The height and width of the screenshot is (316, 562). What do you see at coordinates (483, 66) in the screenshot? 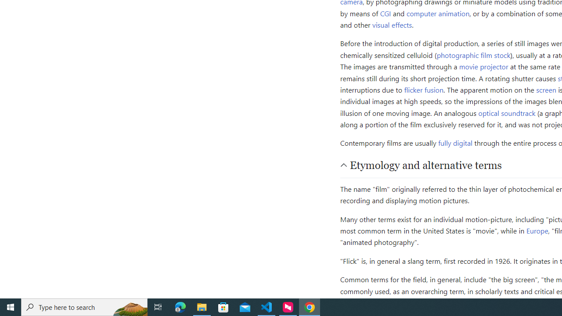
I see `'movie projector'` at bounding box center [483, 66].